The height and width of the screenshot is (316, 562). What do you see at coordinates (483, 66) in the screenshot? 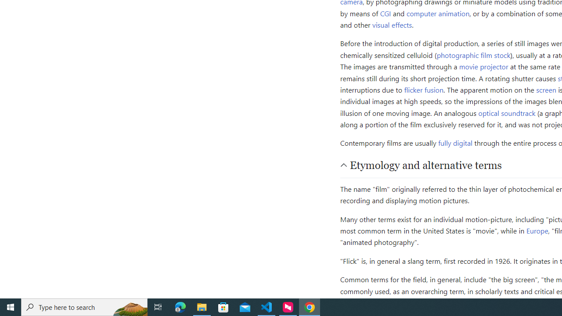
I see `'movie projector'` at bounding box center [483, 66].